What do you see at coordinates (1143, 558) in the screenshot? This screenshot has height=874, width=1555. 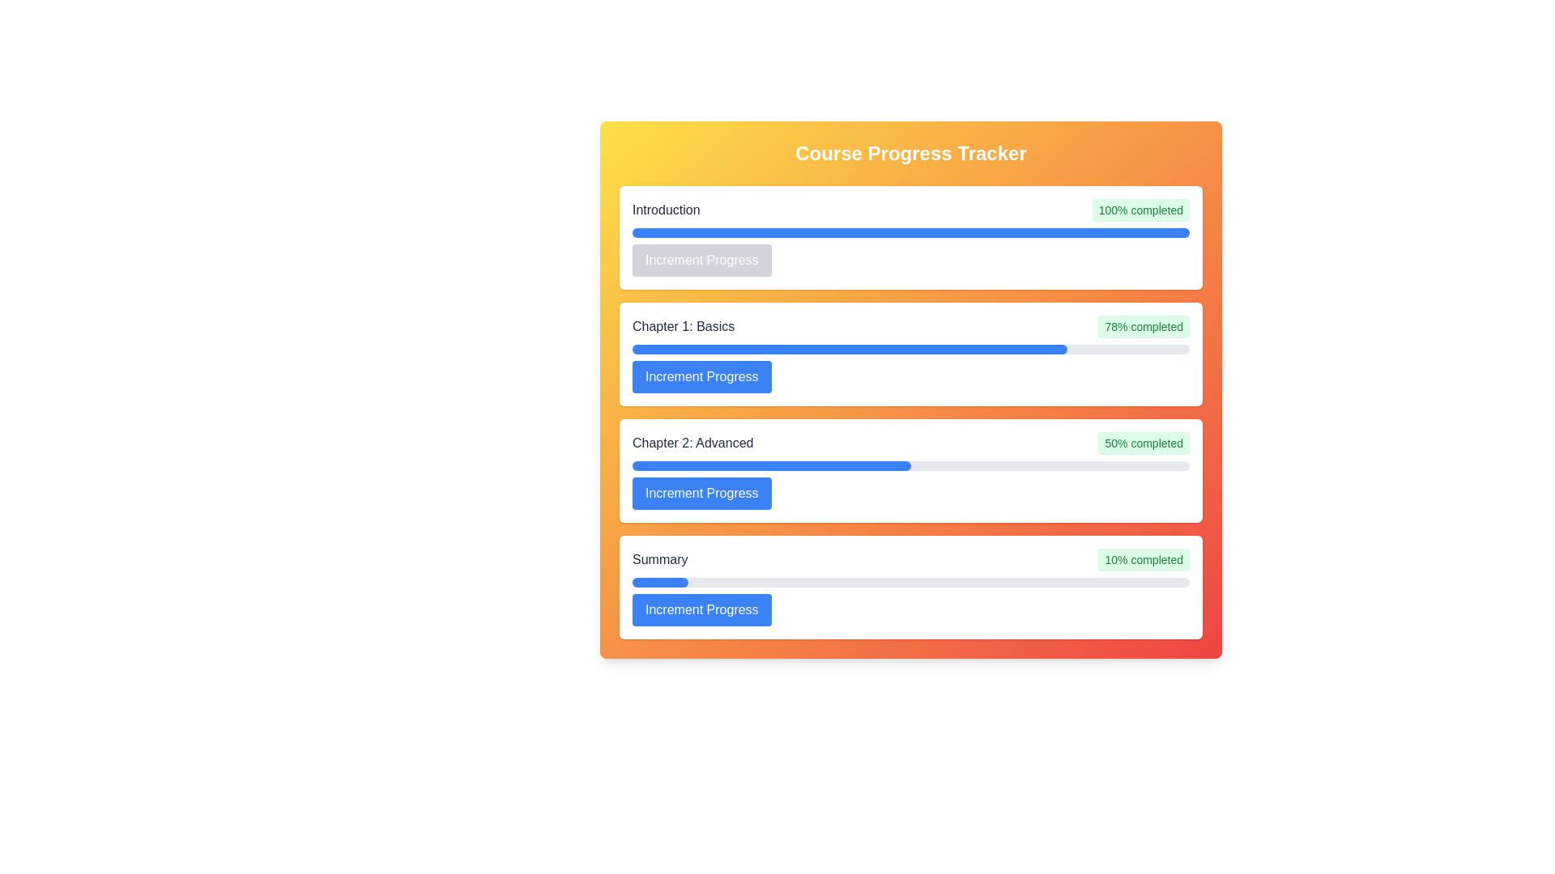 I see `the Progress Badge located in the 'Summary' section, positioned next to the title 'Summary', to visually indicate the completion percentage of the current section` at bounding box center [1143, 558].